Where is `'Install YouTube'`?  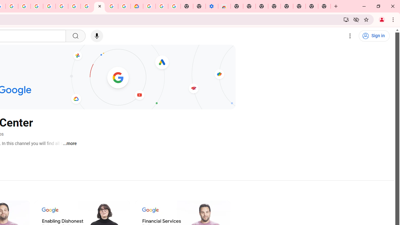
'Install YouTube' is located at coordinates (346, 19).